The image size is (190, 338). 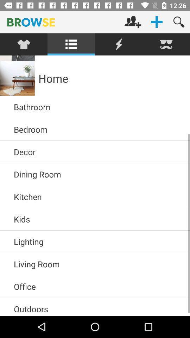 What do you see at coordinates (71, 44) in the screenshot?
I see `click menu option` at bounding box center [71, 44].